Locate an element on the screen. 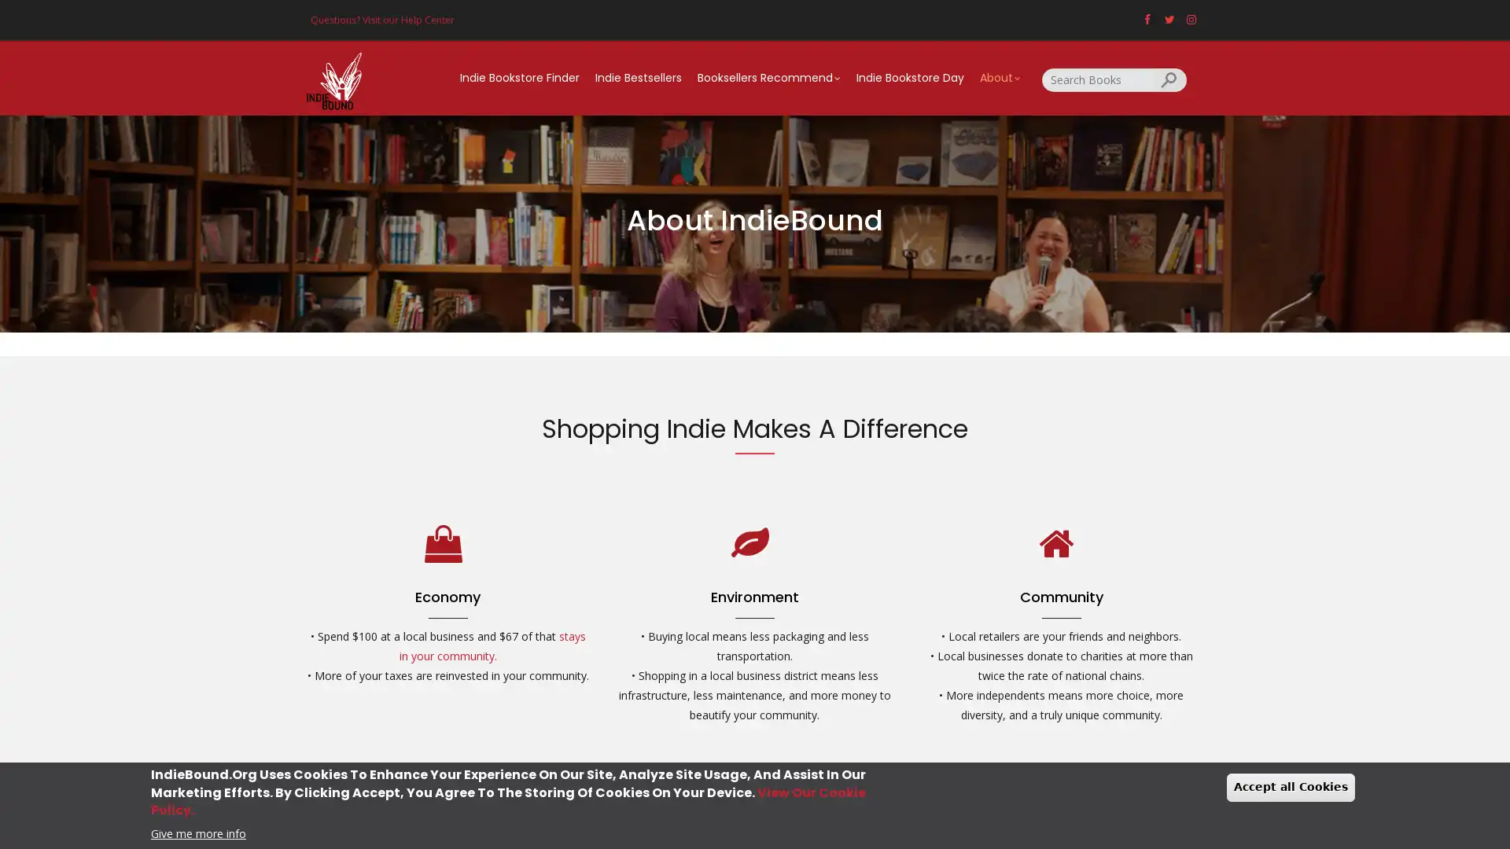  Give me more info is located at coordinates (197, 832).